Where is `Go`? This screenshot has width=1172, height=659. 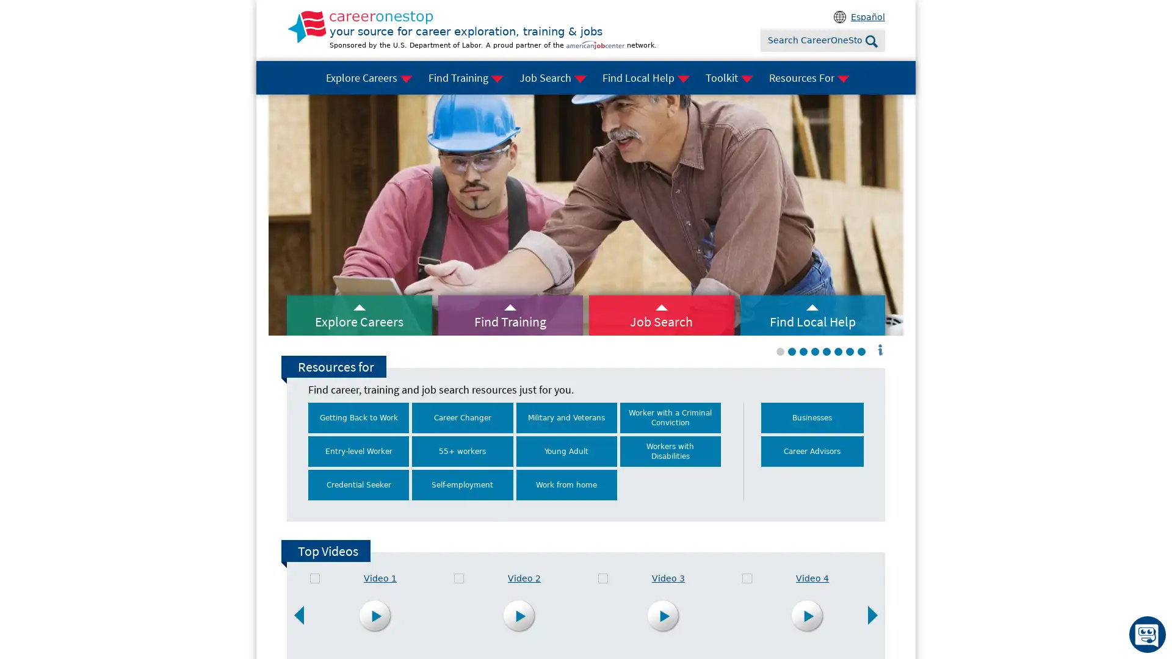
Go is located at coordinates (871, 41).